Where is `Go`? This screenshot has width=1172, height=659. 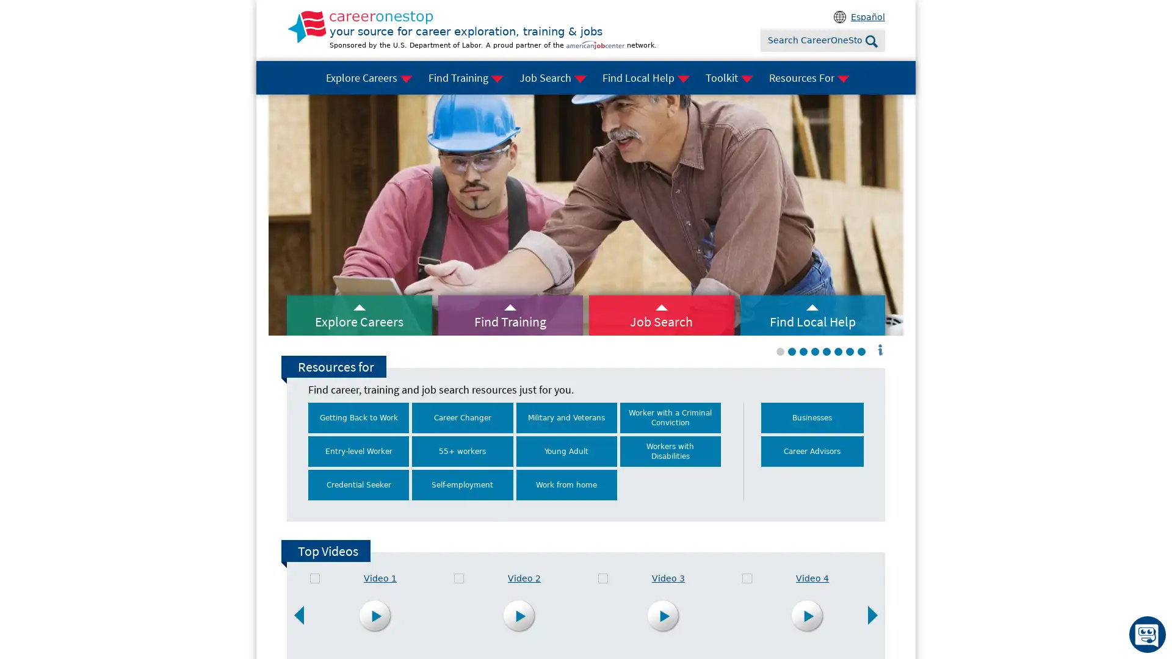
Go is located at coordinates (871, 41).